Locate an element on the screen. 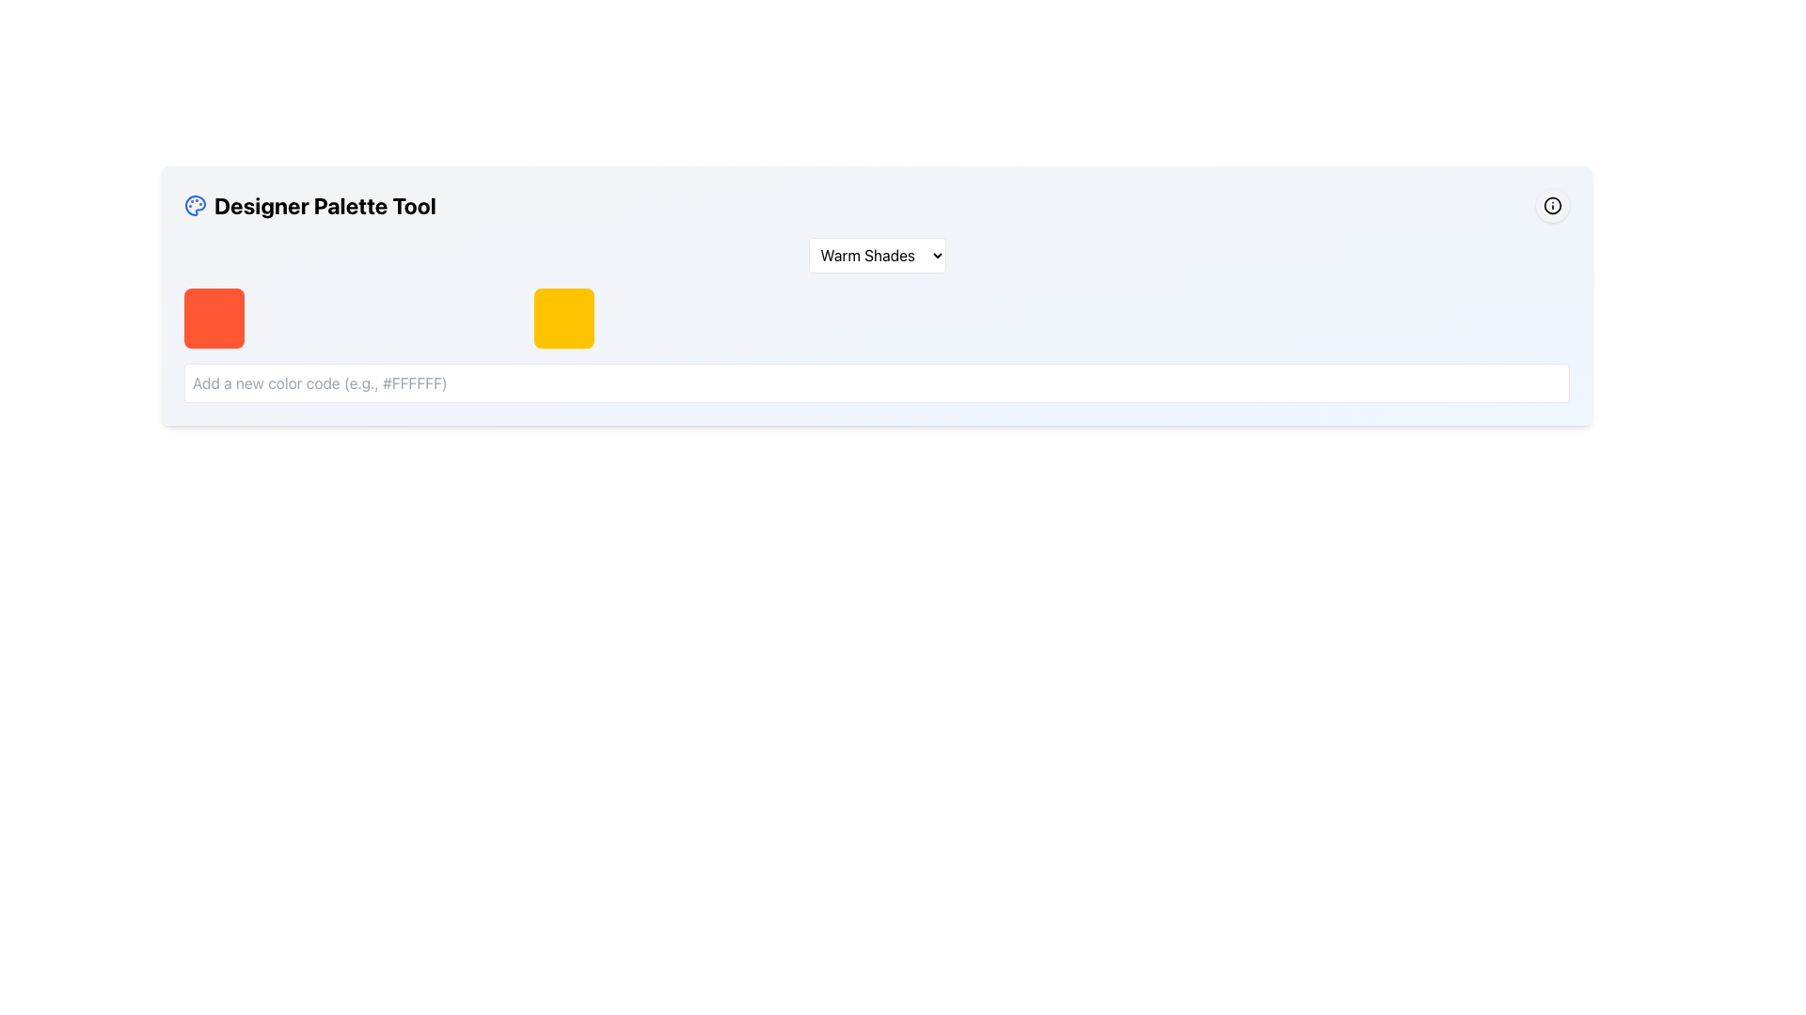 Image resolution: width=1806 pixels, height=1015 pixels. the decorative color palette tool icon located adjacent to the text 'Designer Palette Tool' in the top-left region of the interface is located at coordinates (194, 206).